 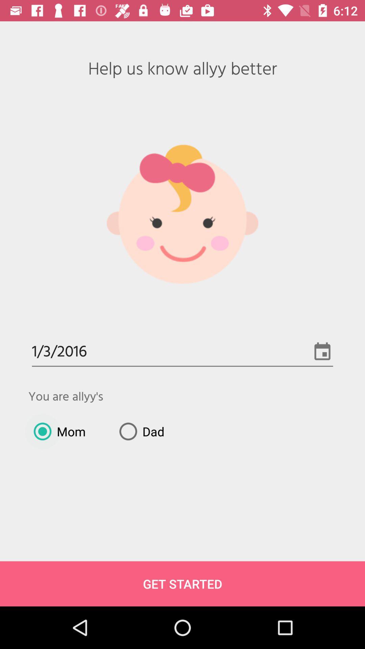 What do you see at coordinates (56, 431) in the screenshot?
I see `the icon to the left of the dad item` at bounding box center [56, 431].